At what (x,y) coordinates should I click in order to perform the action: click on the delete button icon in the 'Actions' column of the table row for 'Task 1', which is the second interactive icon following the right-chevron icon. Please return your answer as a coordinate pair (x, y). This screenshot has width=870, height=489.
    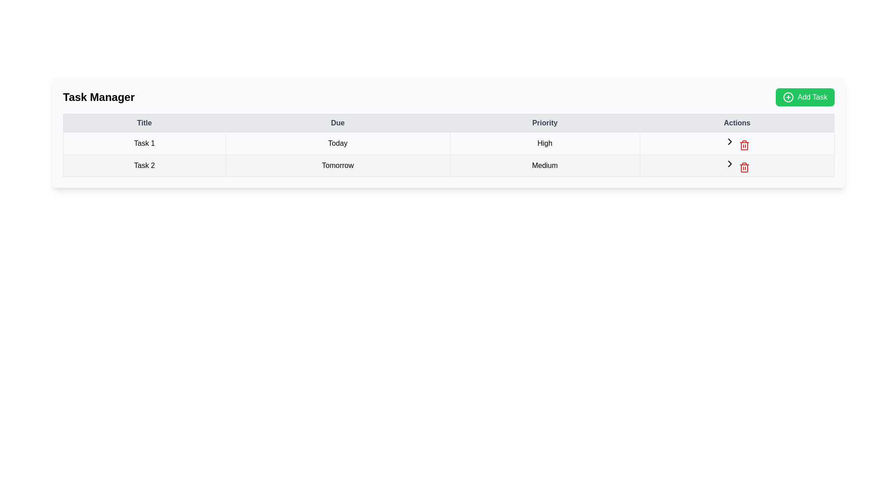
    Looking at the image, I should click on (744, 144).